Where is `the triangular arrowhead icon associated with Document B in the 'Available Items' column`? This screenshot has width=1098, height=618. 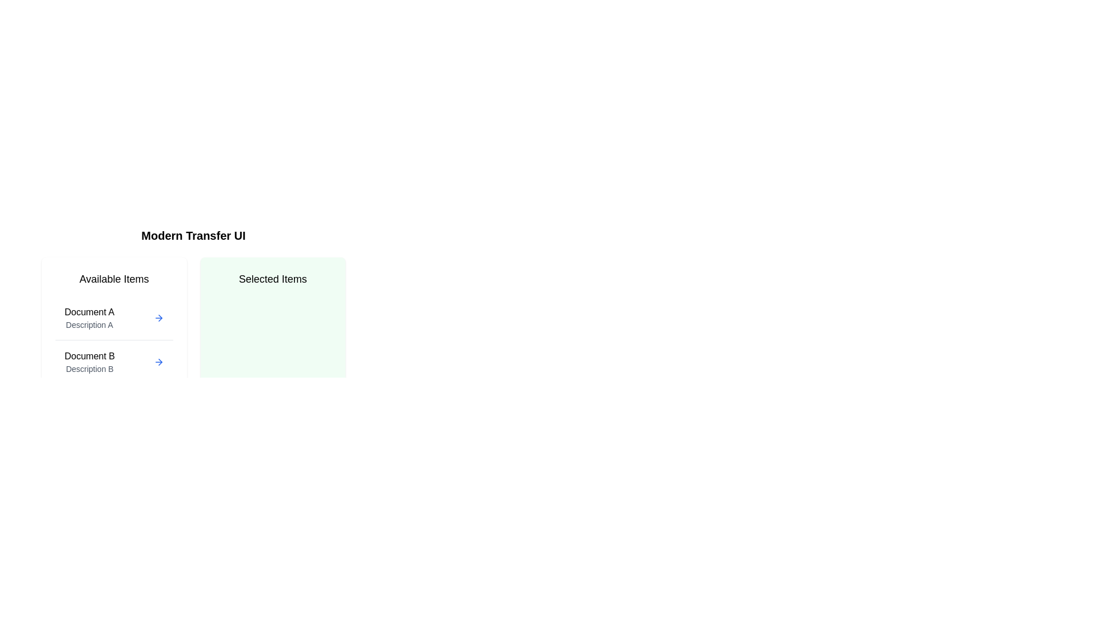
the triangular arrowhead icon associated with Document B in the 'Available Items' column is located at coordinates (160, 318).